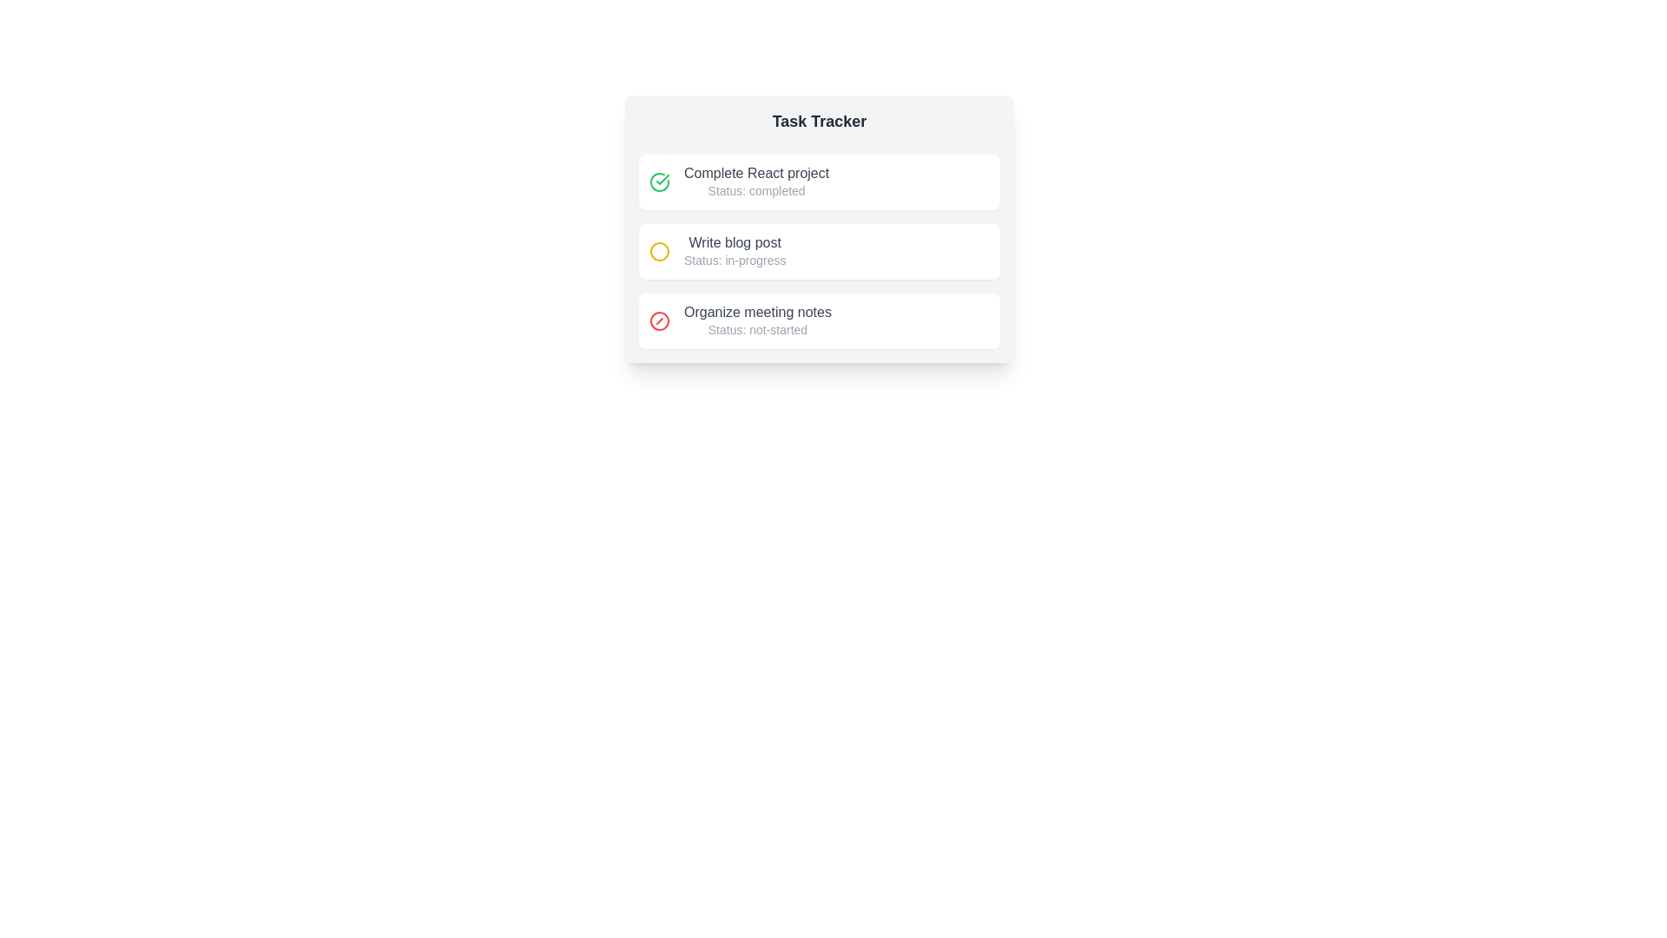 Image resolution: width=1667 pixels, height=938 pixels. Describe the element at coordinates (758, 330) in the screenshot. I see `the 'Status: not-started' text label located directly below 'Organize meeting notes' in the task tracker interface` at that location.